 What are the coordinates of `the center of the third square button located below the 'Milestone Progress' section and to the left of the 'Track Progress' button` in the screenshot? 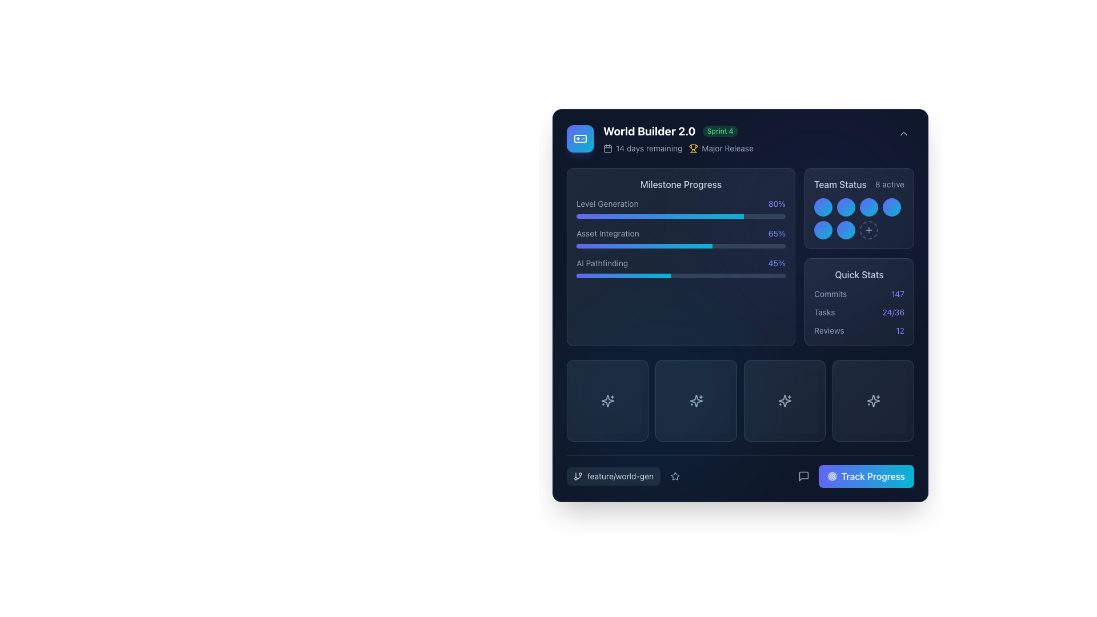 It's located at (784, 400).